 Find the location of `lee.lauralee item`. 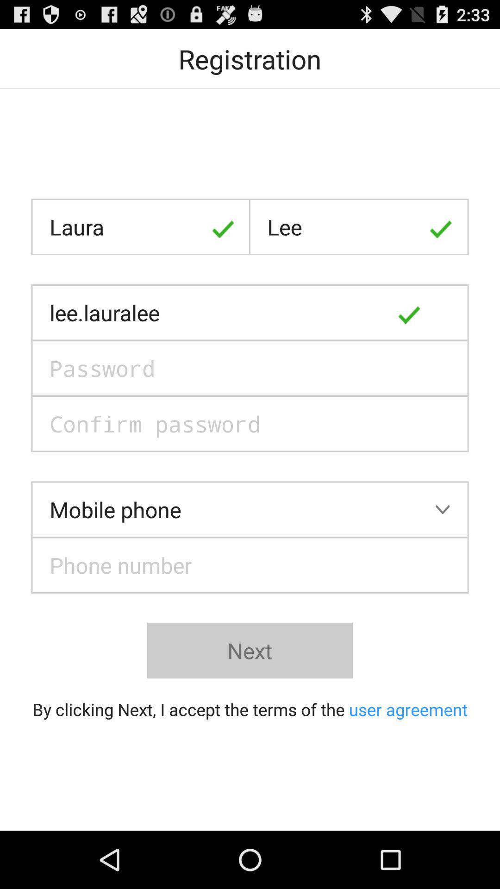

lee.lauralee item is located at coordinates (250, 313).